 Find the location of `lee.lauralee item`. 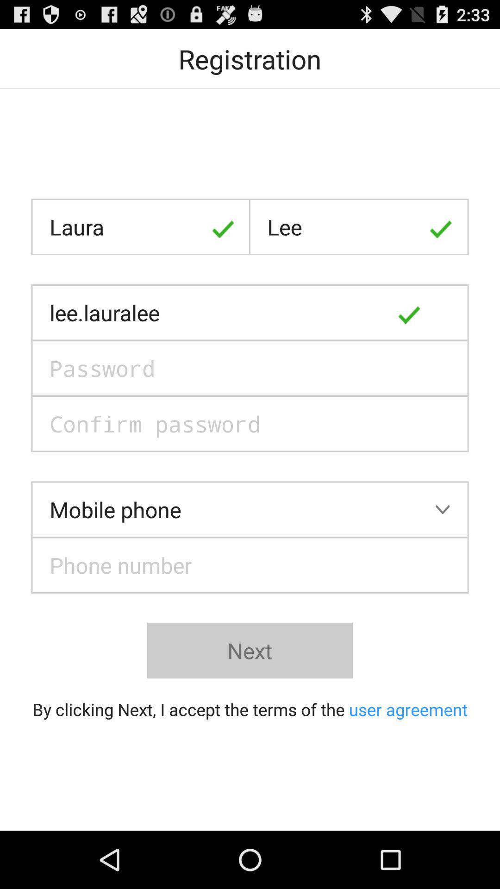

lee.lauralee item is located at coordinates (250, 313).